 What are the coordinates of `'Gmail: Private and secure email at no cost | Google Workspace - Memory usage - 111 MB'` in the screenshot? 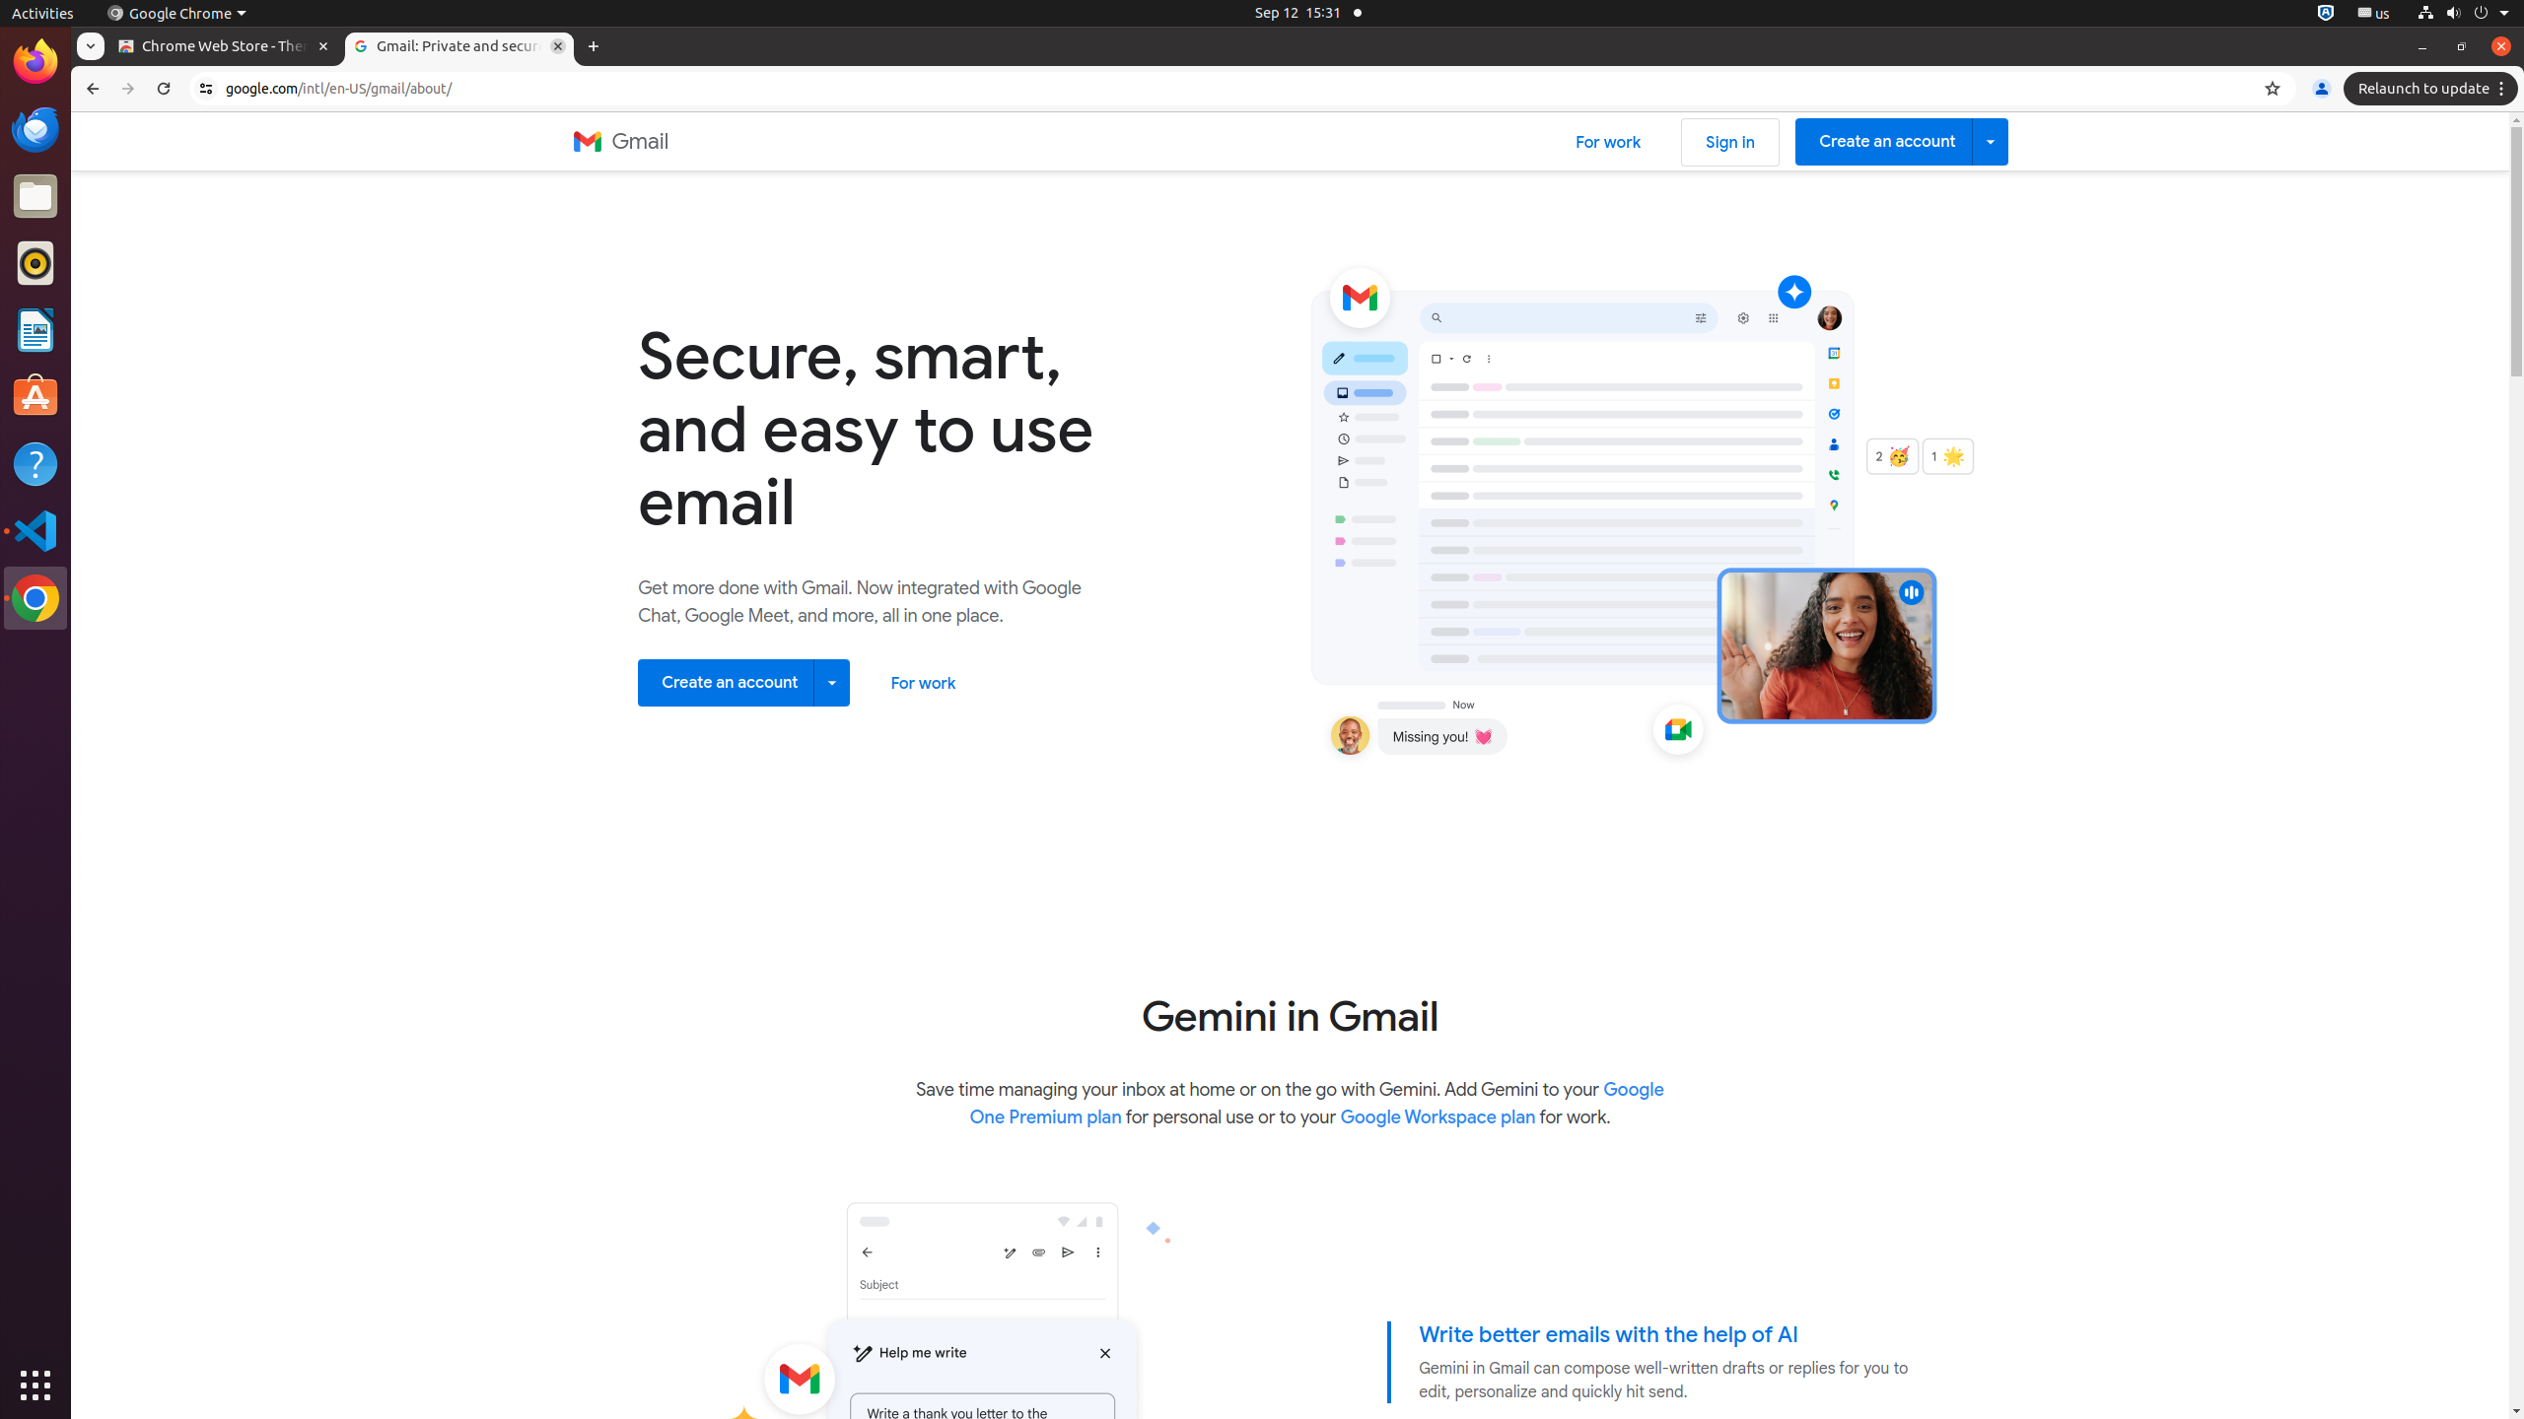 It's located at (457, 45).